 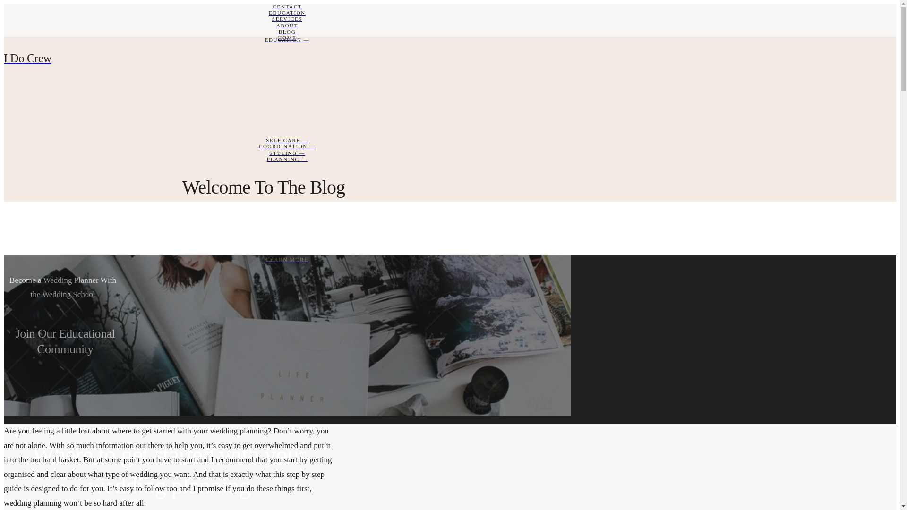 What do you see at coordinates (287, 7) in the screenshot?
I see `'CONTACT'` at bounding box center [287, 7].